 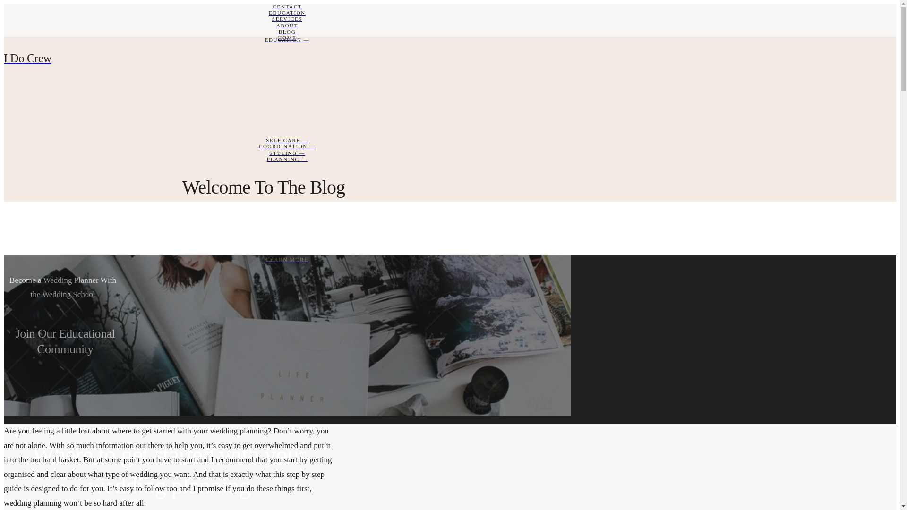 What do you see at coordinates (287, 7) in the screenshot?
I see `'CONTACT'` at bounding box center [287, 7].